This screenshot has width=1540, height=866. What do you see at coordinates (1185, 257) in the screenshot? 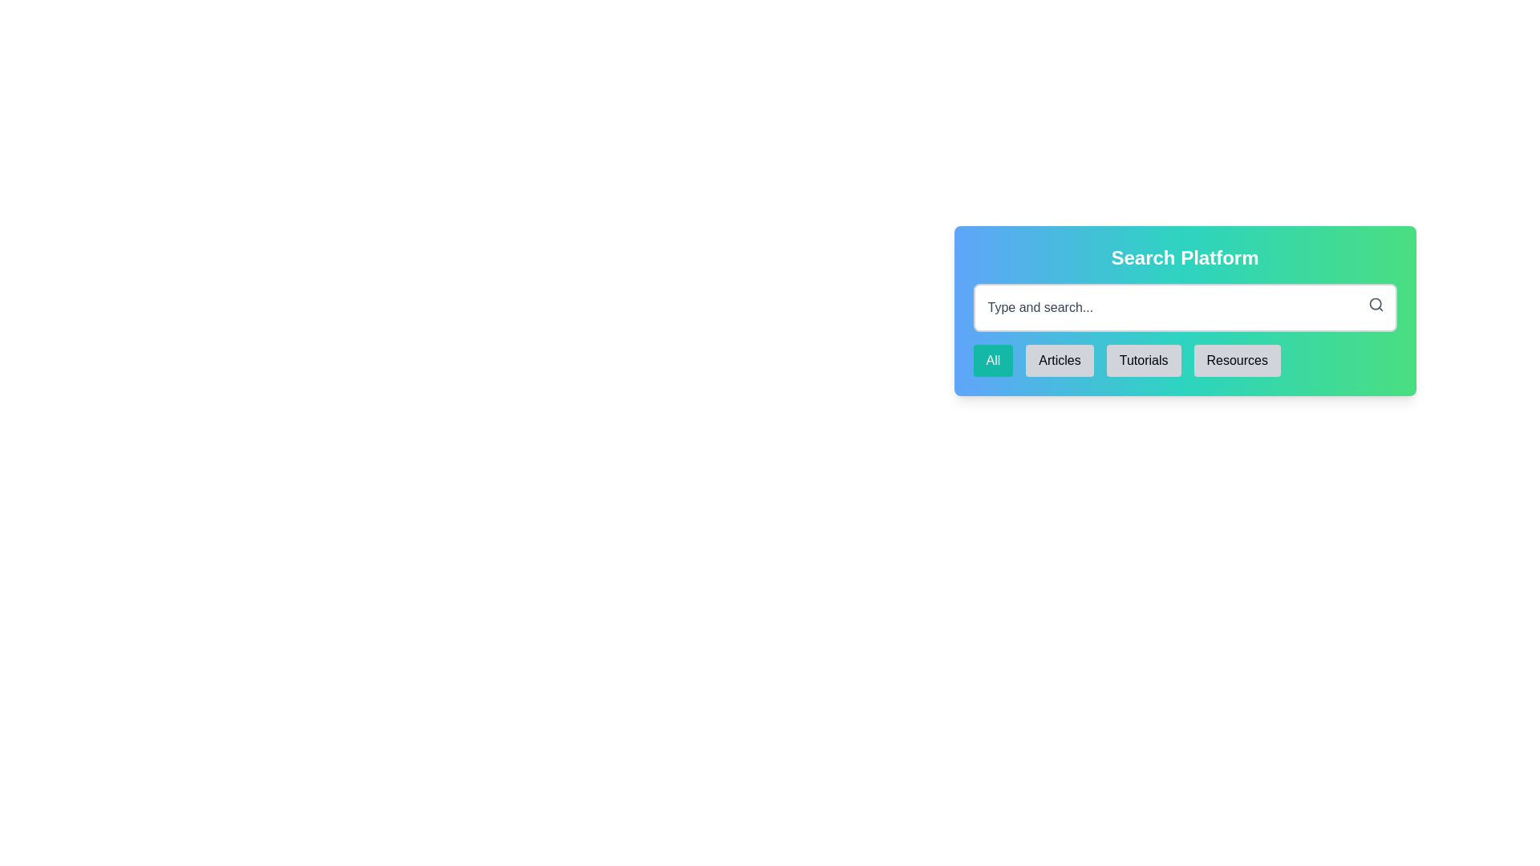
I see `the Text Label which serves as a title for the 'Search Platform' section` at bounding box center [1185, 257].